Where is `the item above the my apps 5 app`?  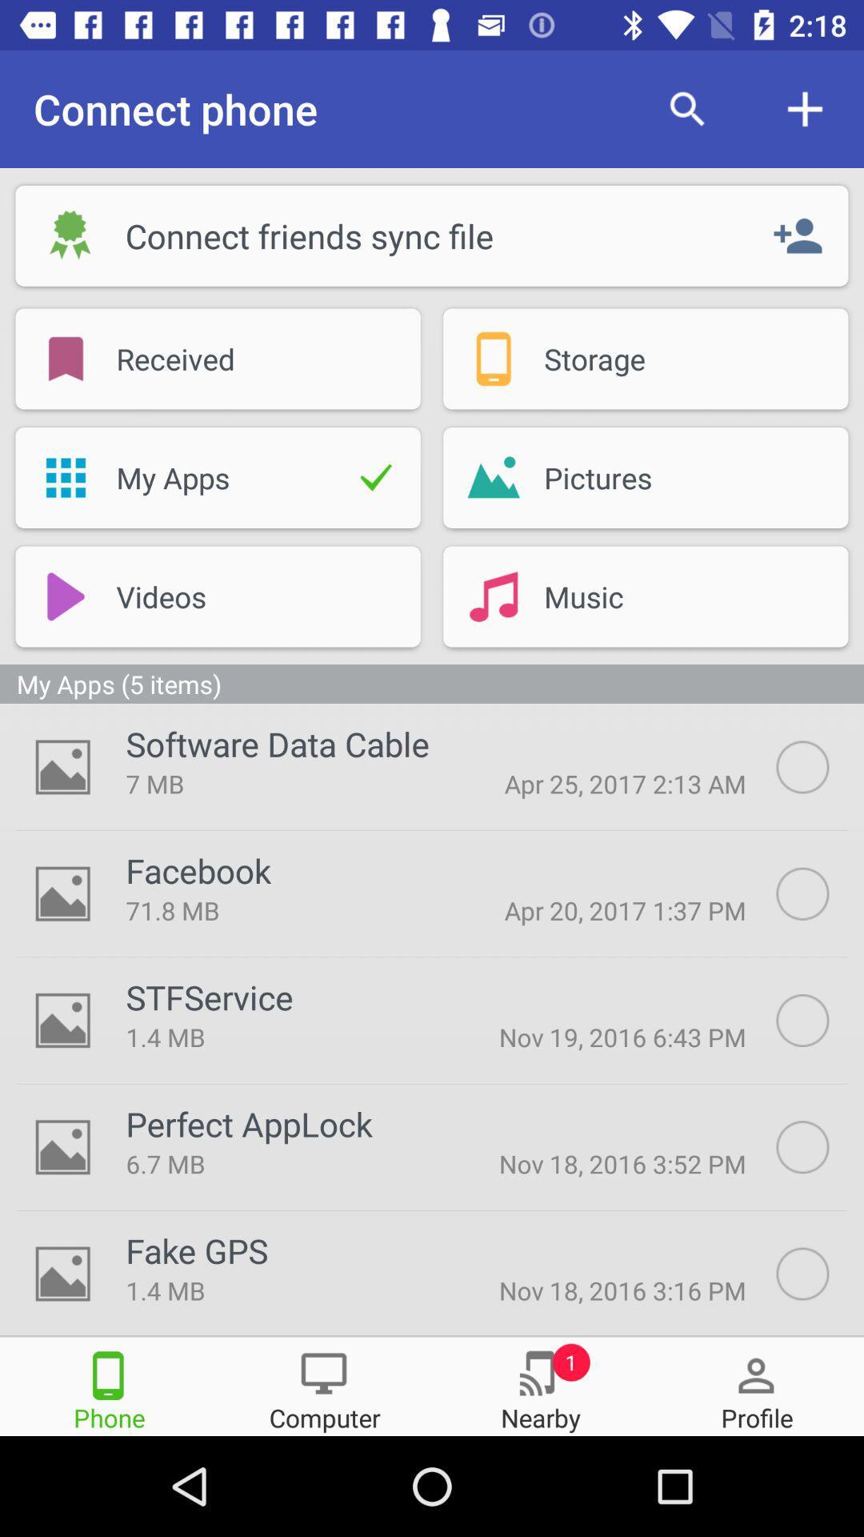
the item above the my apps 5 app is located at coordinates (493, 596).